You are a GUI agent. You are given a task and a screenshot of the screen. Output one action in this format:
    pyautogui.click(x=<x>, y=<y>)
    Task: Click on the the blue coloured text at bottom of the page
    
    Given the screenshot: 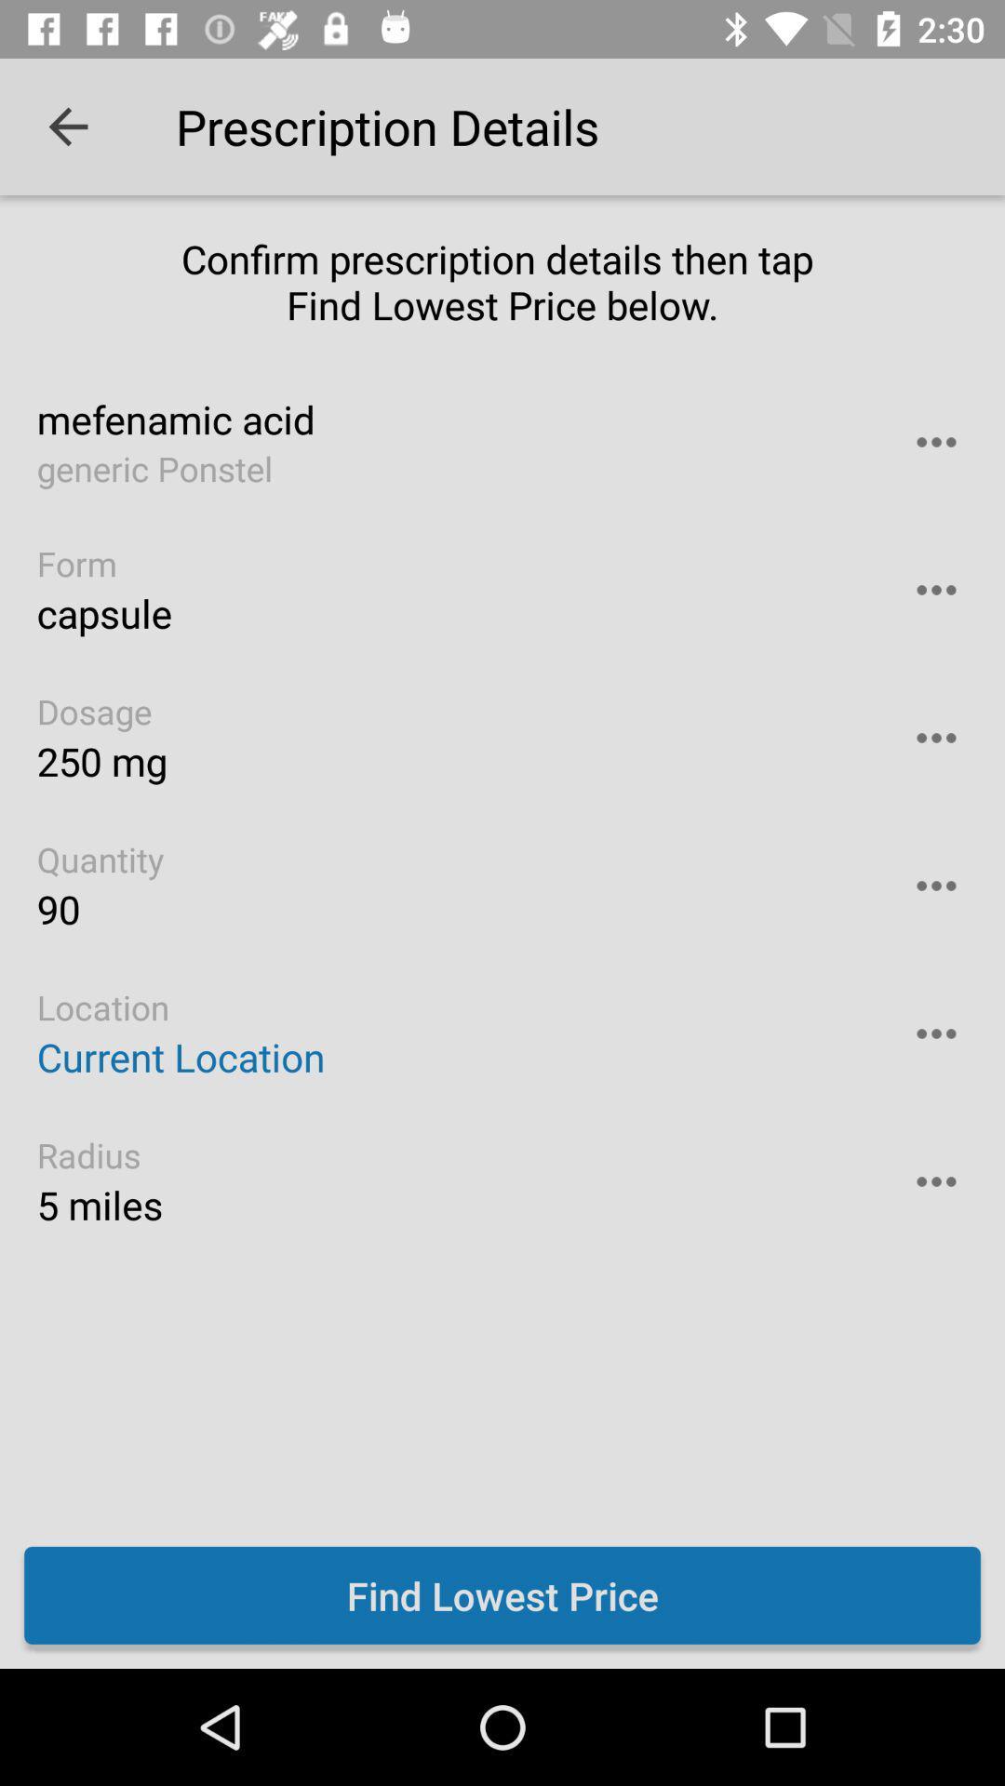 What is the action you would take?
    pyautogui.click(x=502, y=1594)
    